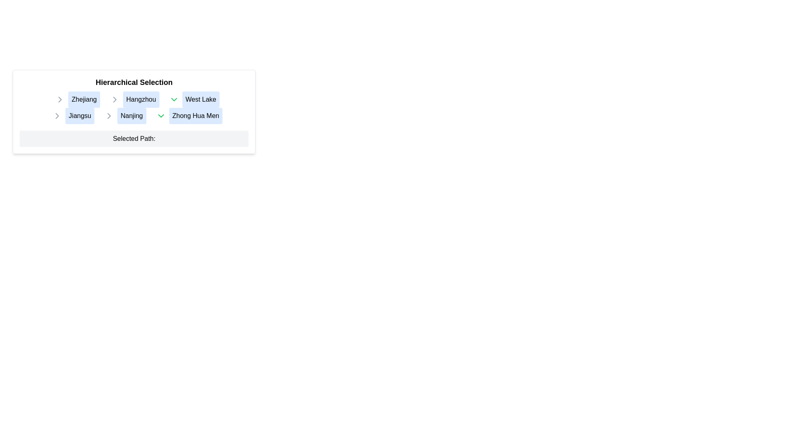  What do you see at coordinates (60, 99) in the screenshot?
I see `the right-pointing chevron icon styled with a thin stroke and gray color, located immediately to the left of the text labeled 'Zhejiang'` at bounding box center [60, 99].